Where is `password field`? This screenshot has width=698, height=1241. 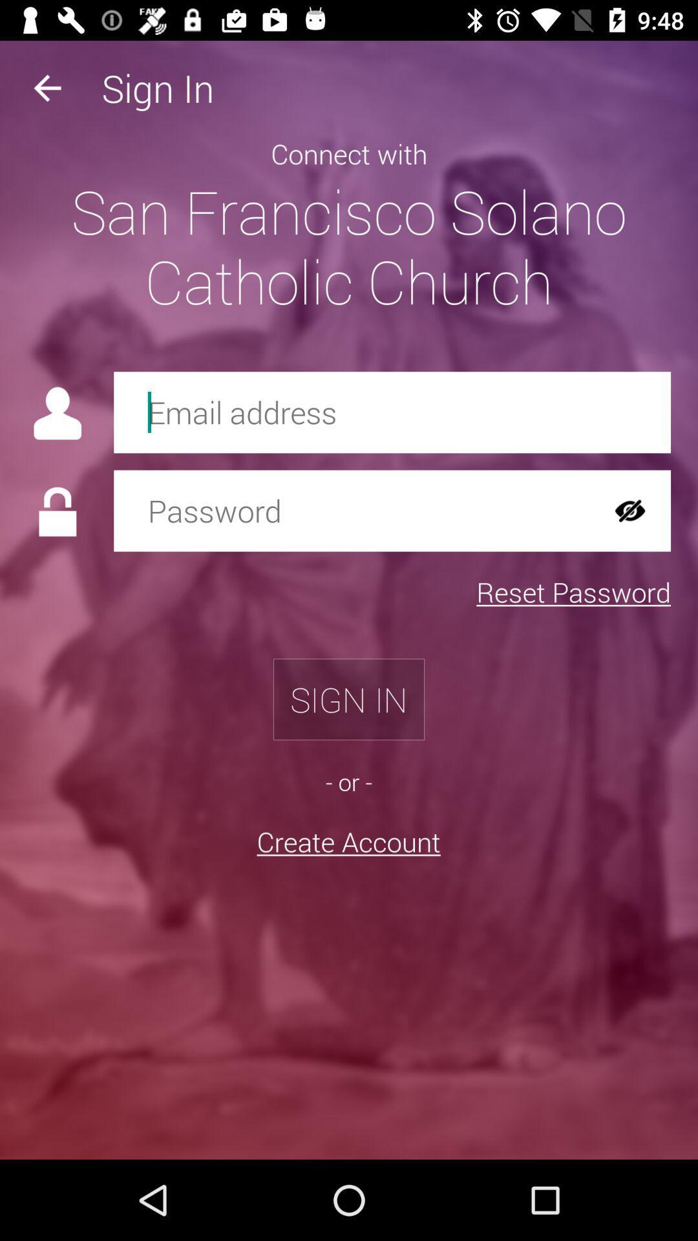 password field is located at coordinates (352, 510).